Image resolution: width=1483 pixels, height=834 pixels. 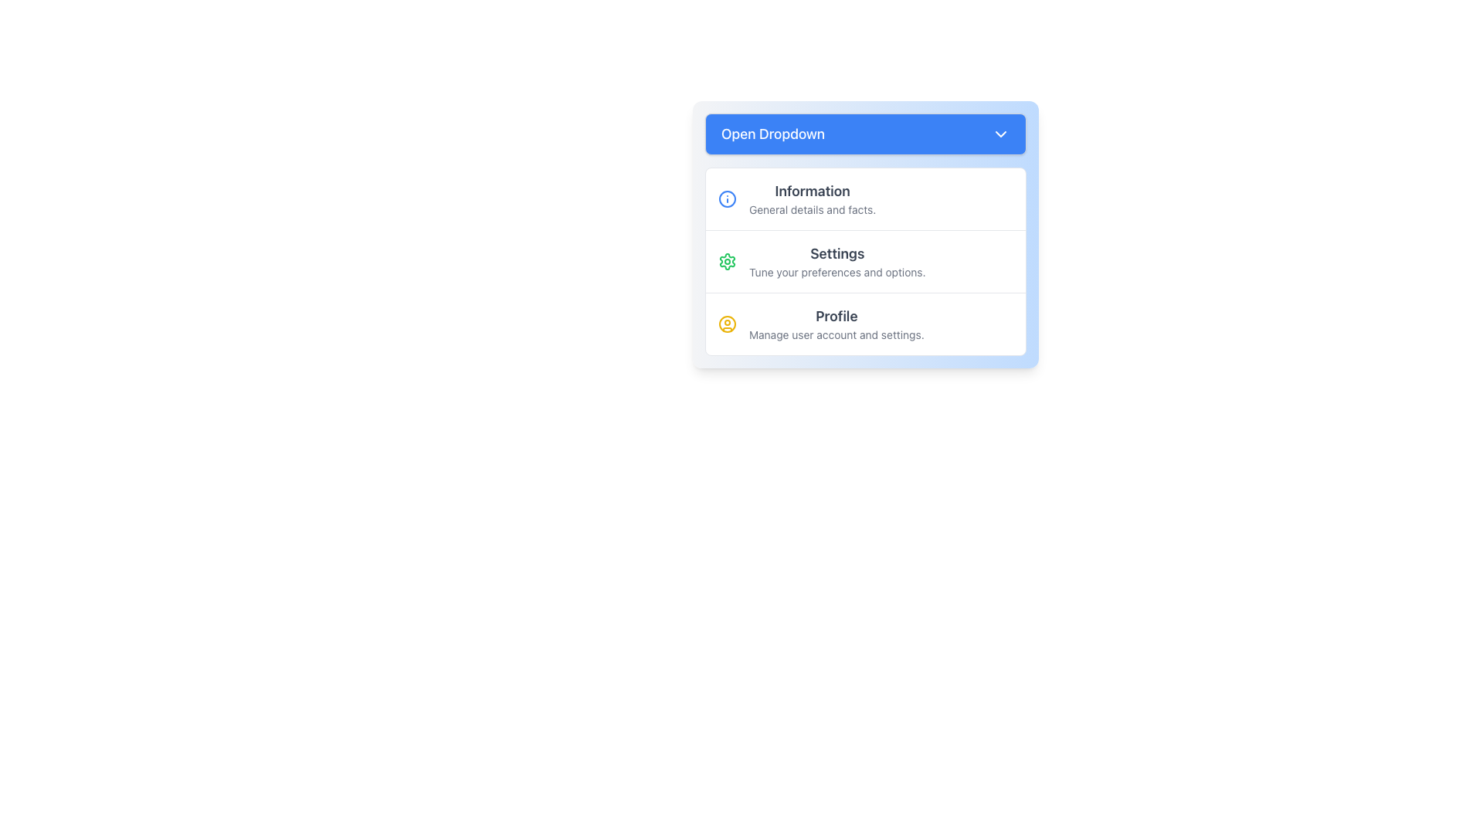 What do you see at coordinates (726, 261) in the screenshot?
I see `the green cogwheel icon with a red core located in the 'Settings' section of the dropdown menu` at bounding box center [726, 261].